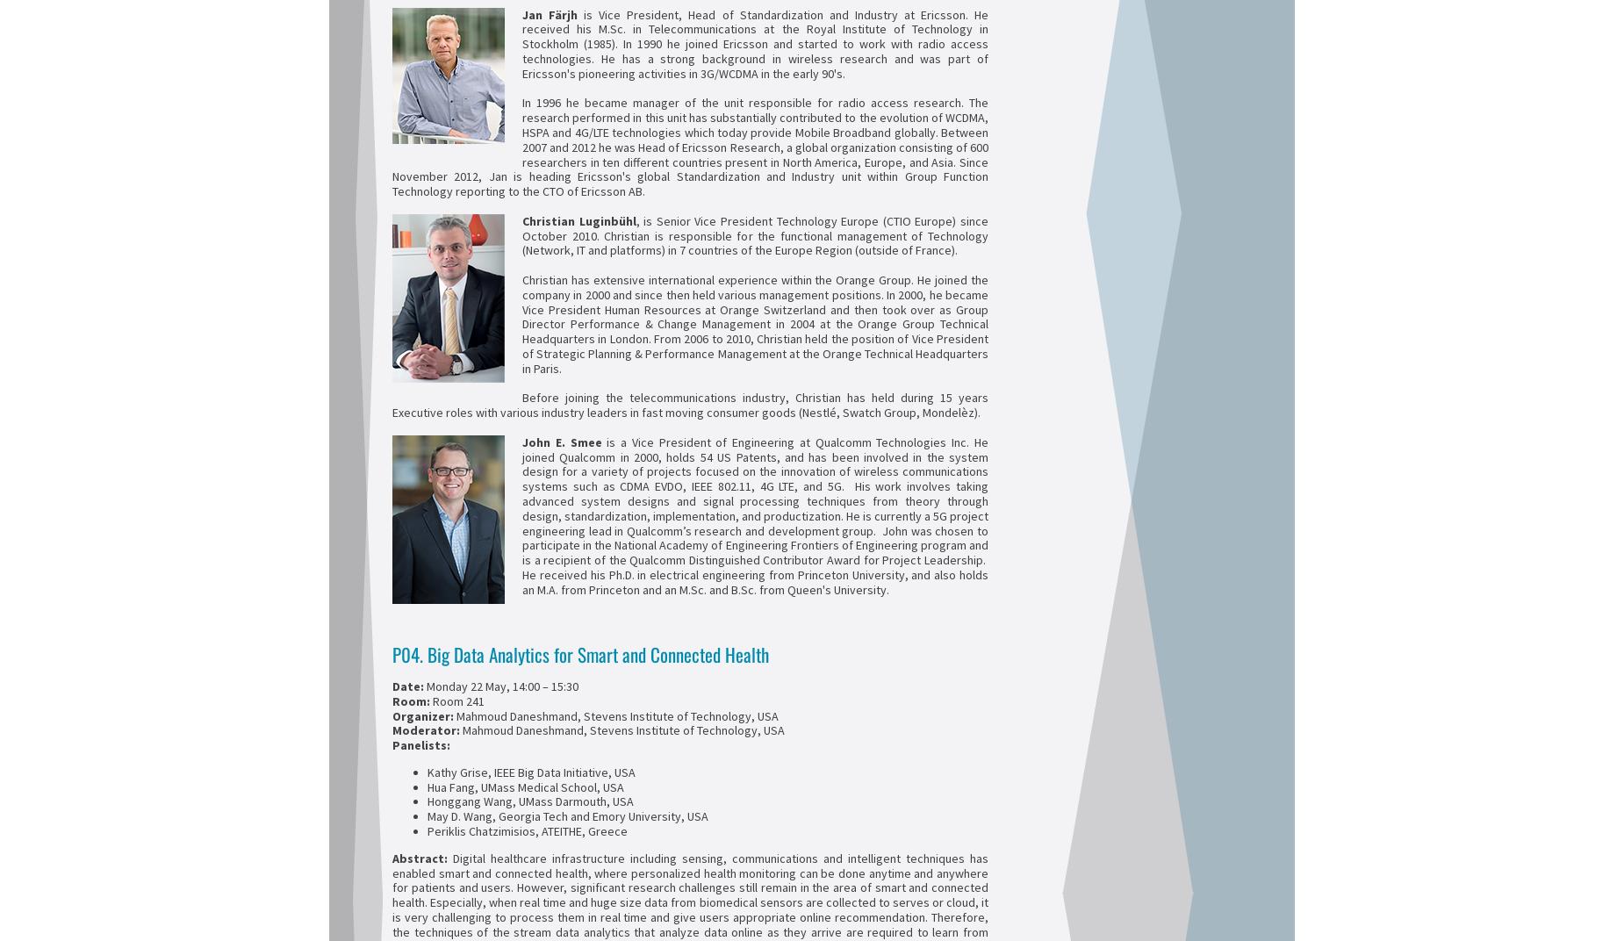  Describe the element at coordinates (391, 857) in the screenshot. I see `'Abstract:'` at that location.